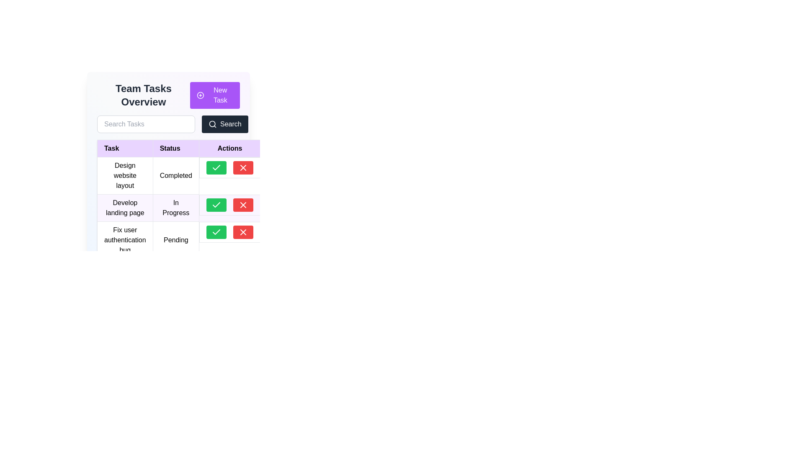 This screenshot has width=804, height=452. What do you see at coordinates (212, 124) in the screenshot?
I see `the circular part of the SVG graphic representing the magnifying glass icon, located to the left of the search button in the task management interface` at bounding box center [212, 124].